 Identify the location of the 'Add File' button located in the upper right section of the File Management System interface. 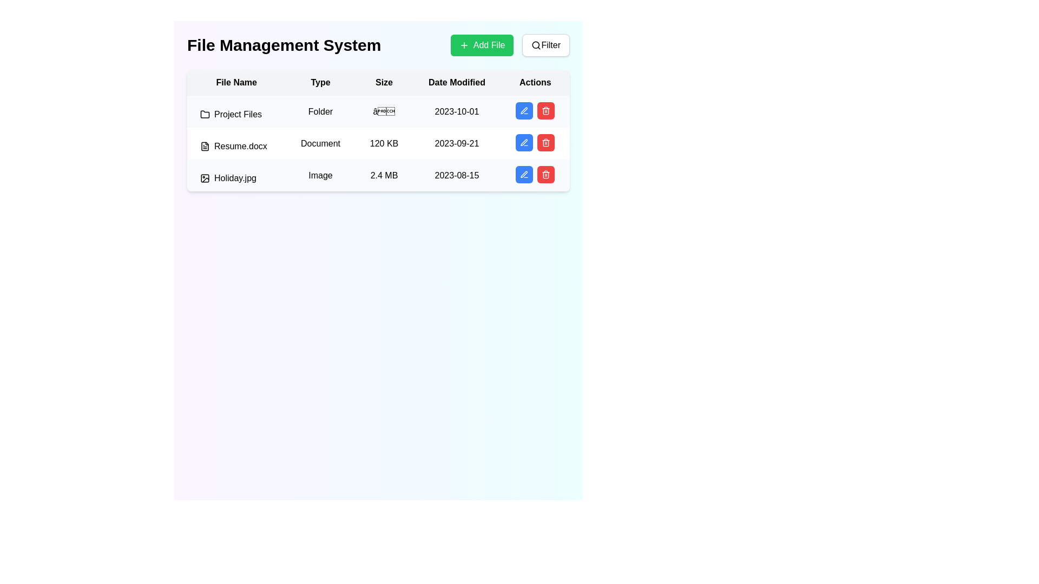
(509, 45).